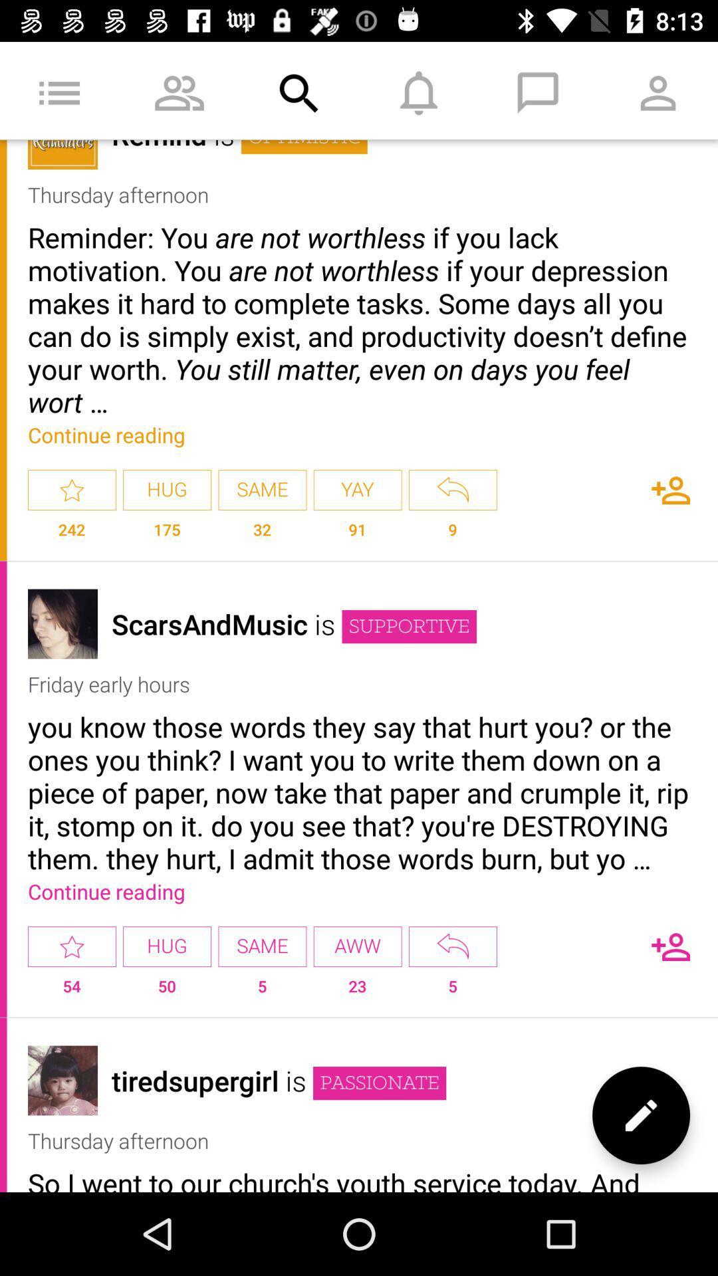  Describe the element at coordinates (452, 535) in the screenshot. I see `item to the right of the yay icon` at that location.